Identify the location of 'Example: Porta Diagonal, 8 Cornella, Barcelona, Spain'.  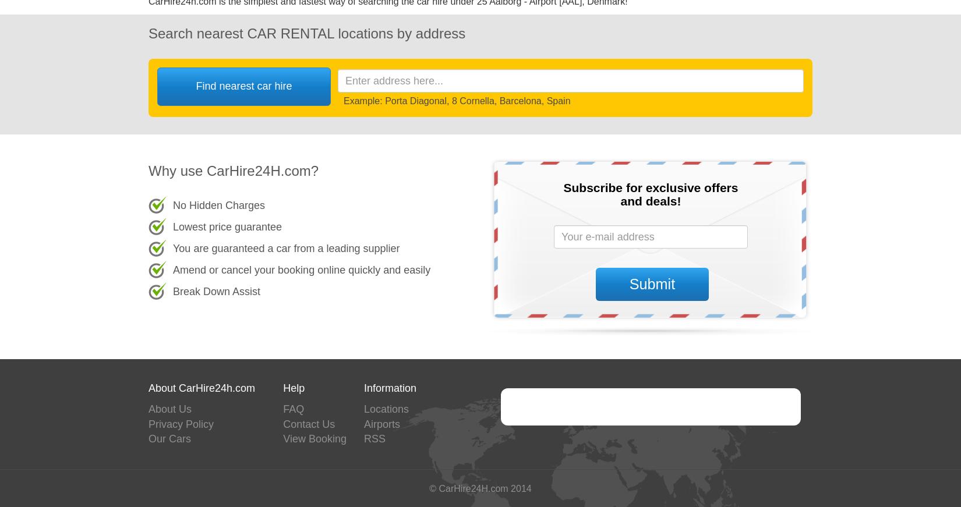
(343, 101).